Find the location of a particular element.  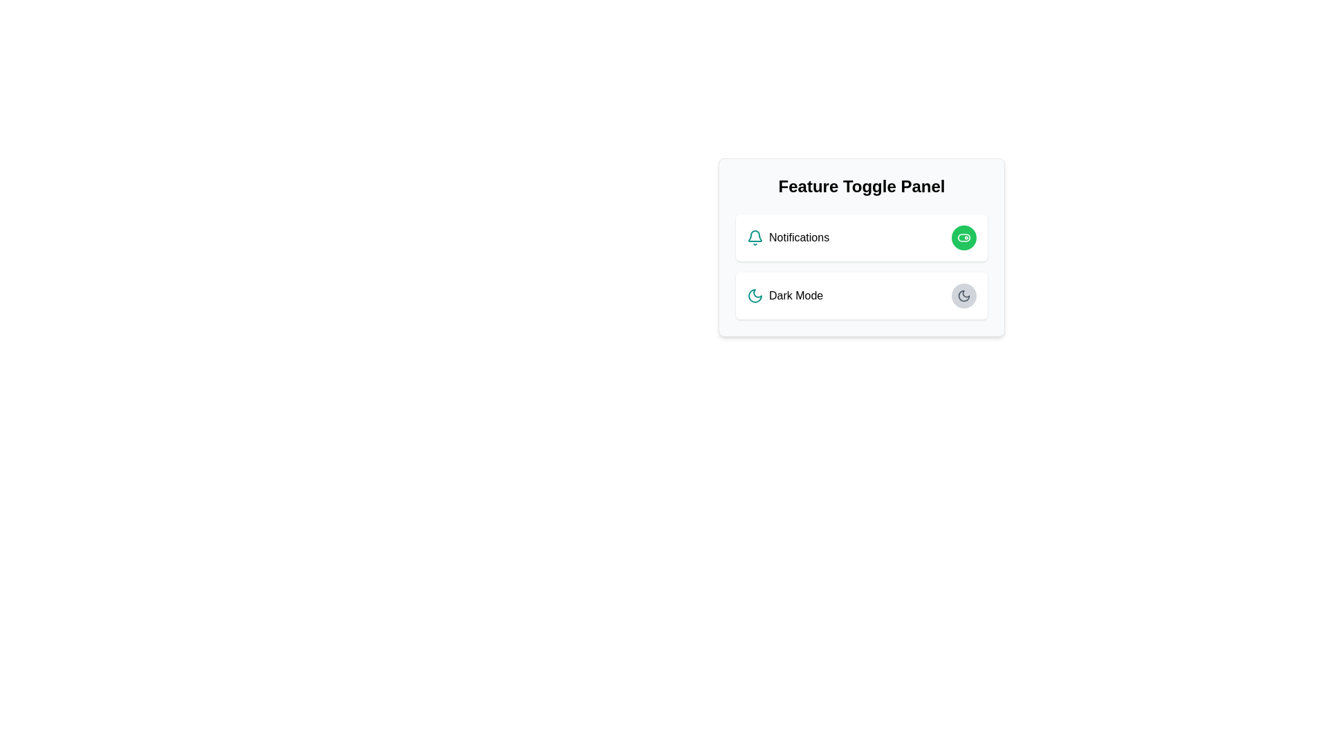

the Label with Icon that serves as a title for the Dark Mode feature toggle, located within the 'Feature Toggle Panel' card, positioned below 'Notifications' is located at coordinates (785, 295).